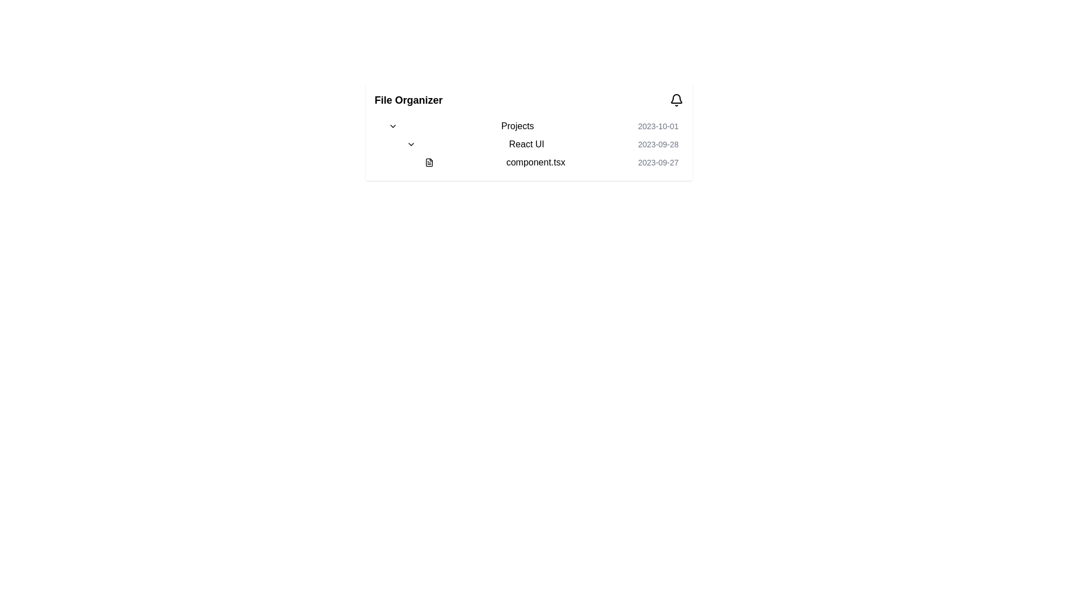  I want to click on the appearance of the icon representing the file 'component.tsx' located in the file organizer interface, so click(428, 162).